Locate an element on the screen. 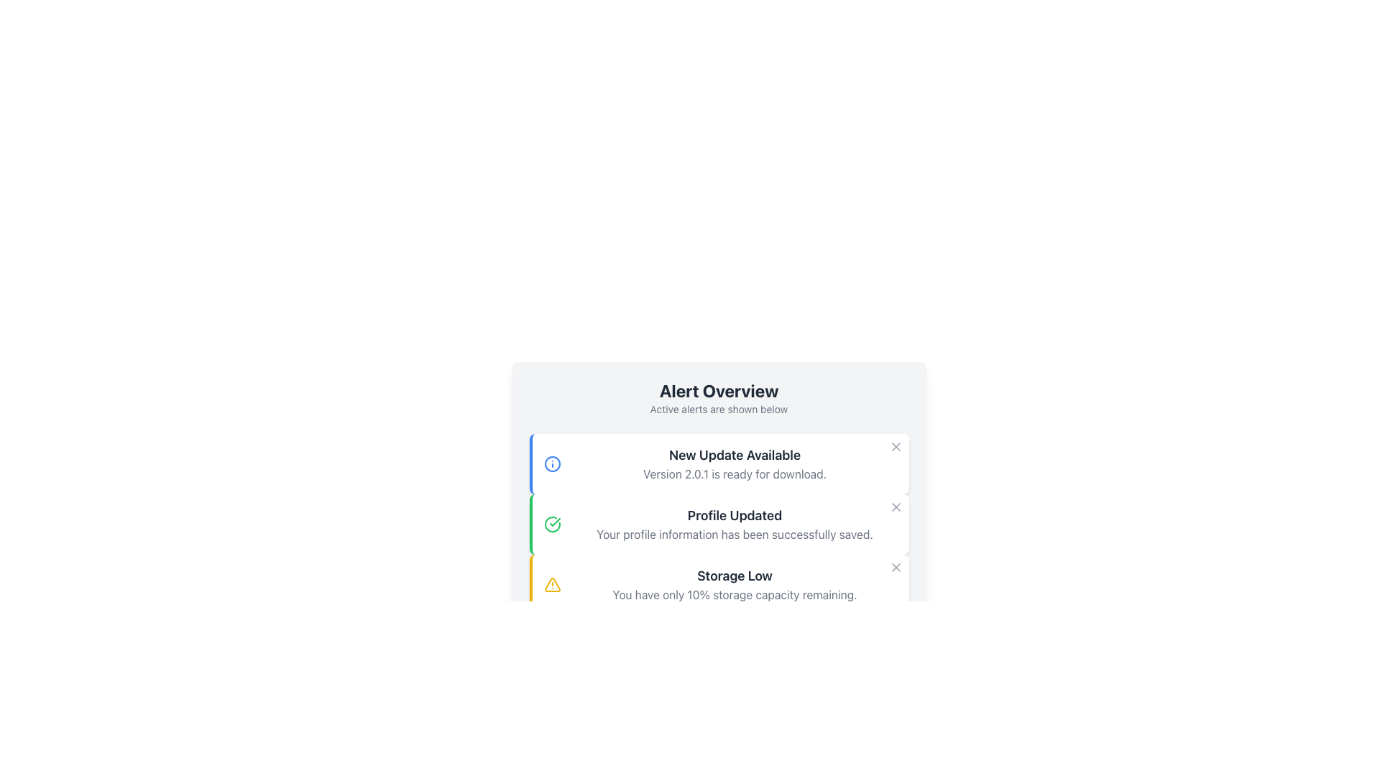 The width and height of the screenshot is (1380, 776). the third notification box, which has a light background, yellow left border, and contains a warning icon with bold text indicating a storage issue is located at coordinates (719, 584).